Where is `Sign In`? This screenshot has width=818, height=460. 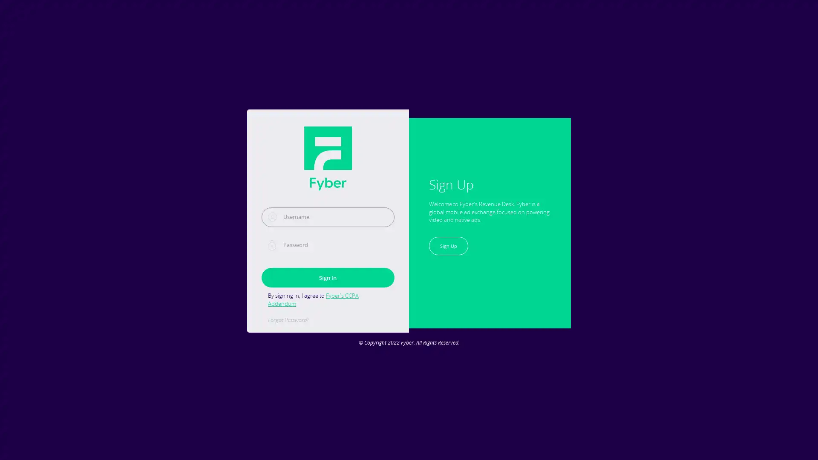 Sign In is located at coordinates (327, 277).